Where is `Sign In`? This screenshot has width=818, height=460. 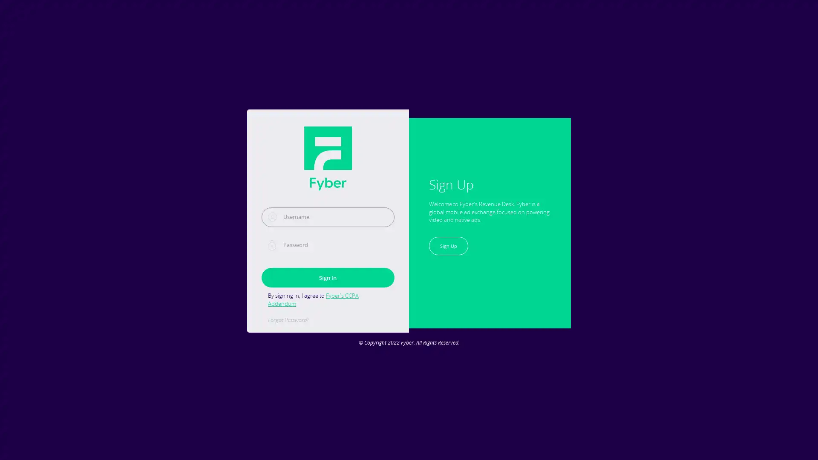 Sign In is located at coordinates (327, 277).